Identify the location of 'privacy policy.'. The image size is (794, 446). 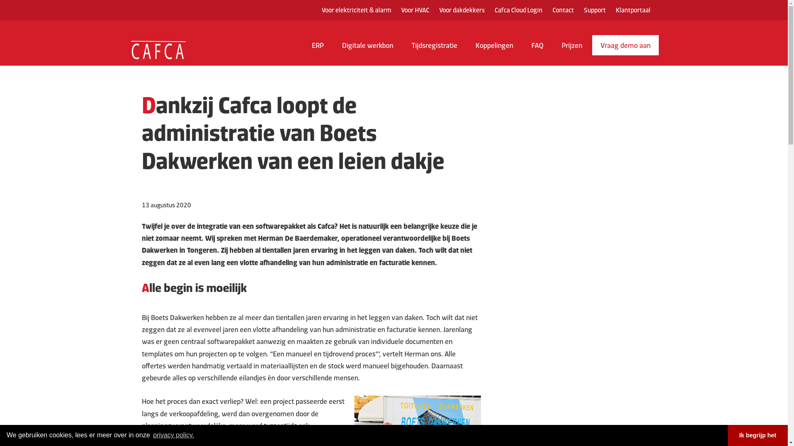
(173, 434).